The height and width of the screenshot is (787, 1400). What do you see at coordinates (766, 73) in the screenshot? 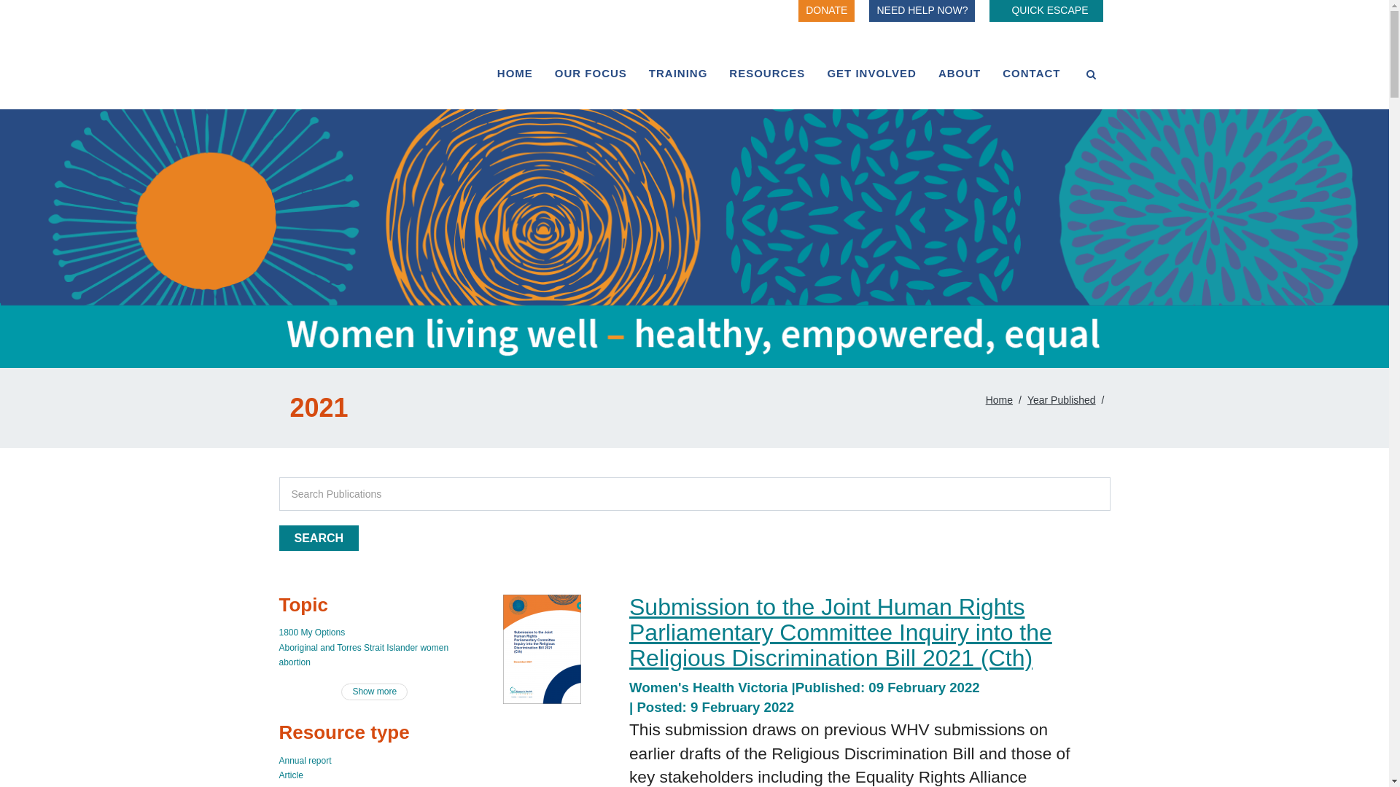
I see `'RESOURCES'` at bounding box center [766, 73].